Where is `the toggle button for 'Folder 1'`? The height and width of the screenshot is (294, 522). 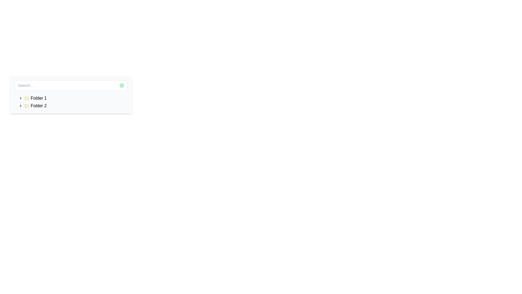
the toggle button for 'Folder 1' is located at coordinates (21, 98).